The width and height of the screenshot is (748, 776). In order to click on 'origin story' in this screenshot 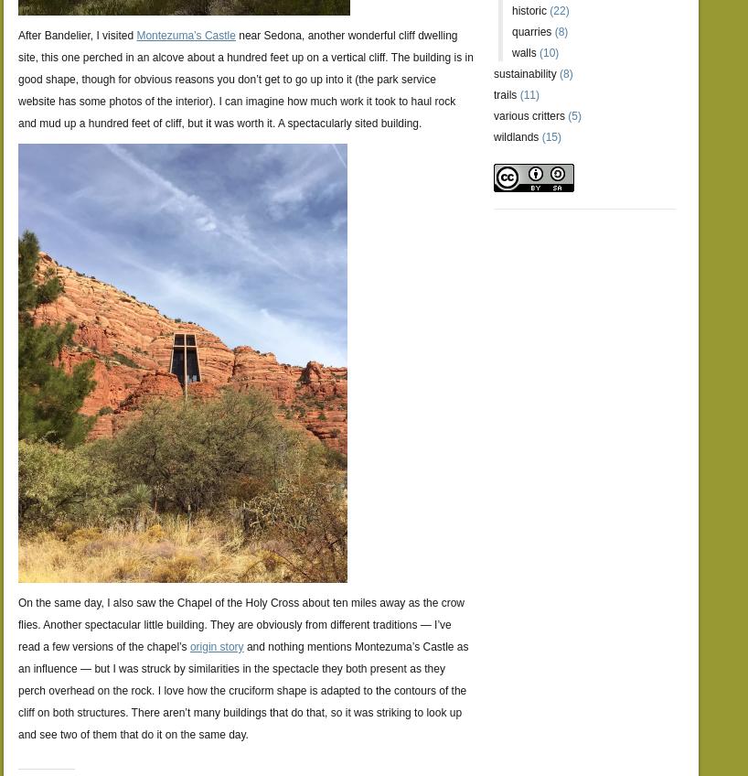, I will do `click(216, 646)`.